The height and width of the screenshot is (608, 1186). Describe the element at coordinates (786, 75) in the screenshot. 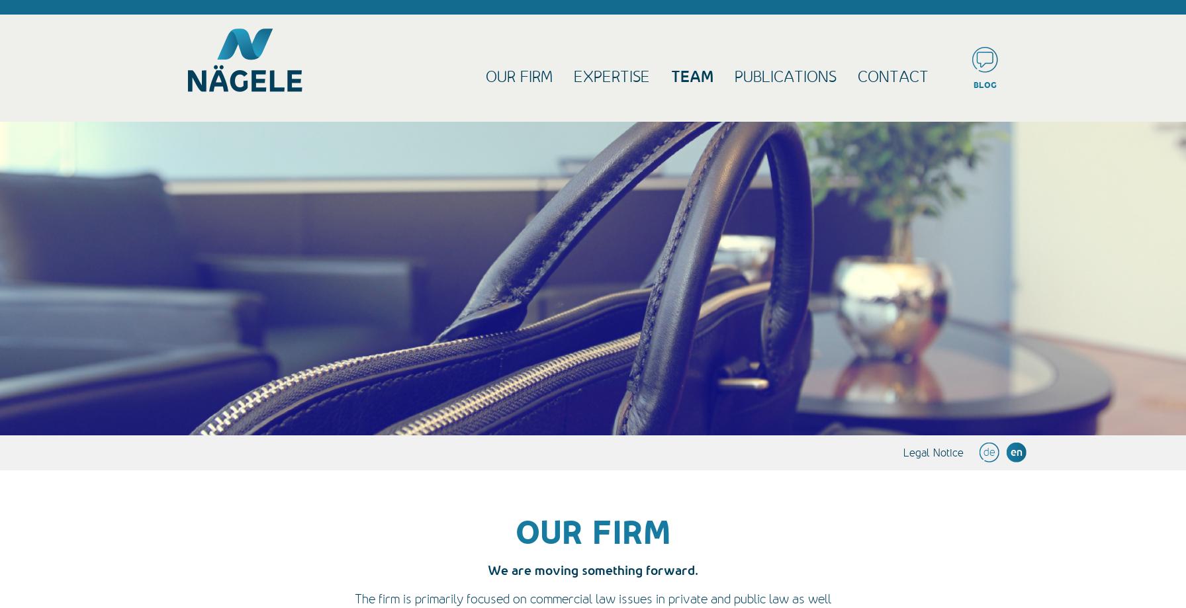

I see `'Publications'` at that location.